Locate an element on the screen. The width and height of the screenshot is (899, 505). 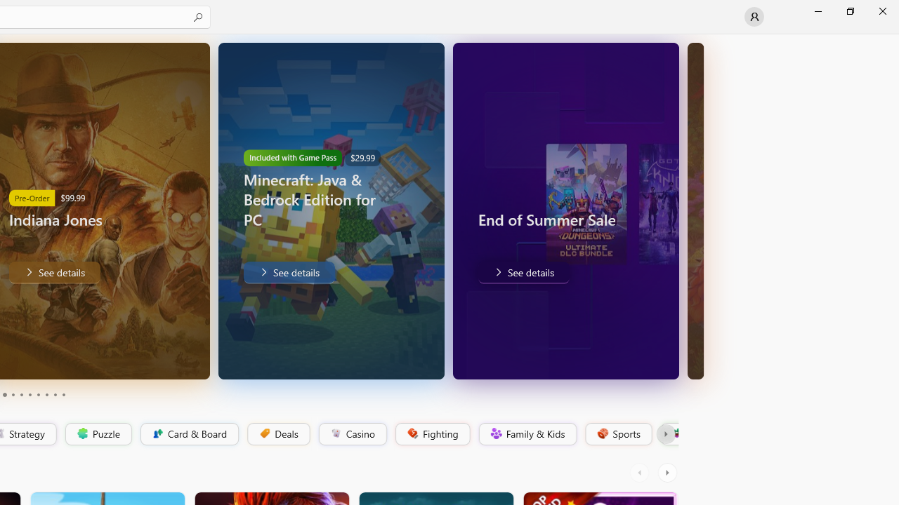
'Card & Board' is located at coordinates (188, 433).